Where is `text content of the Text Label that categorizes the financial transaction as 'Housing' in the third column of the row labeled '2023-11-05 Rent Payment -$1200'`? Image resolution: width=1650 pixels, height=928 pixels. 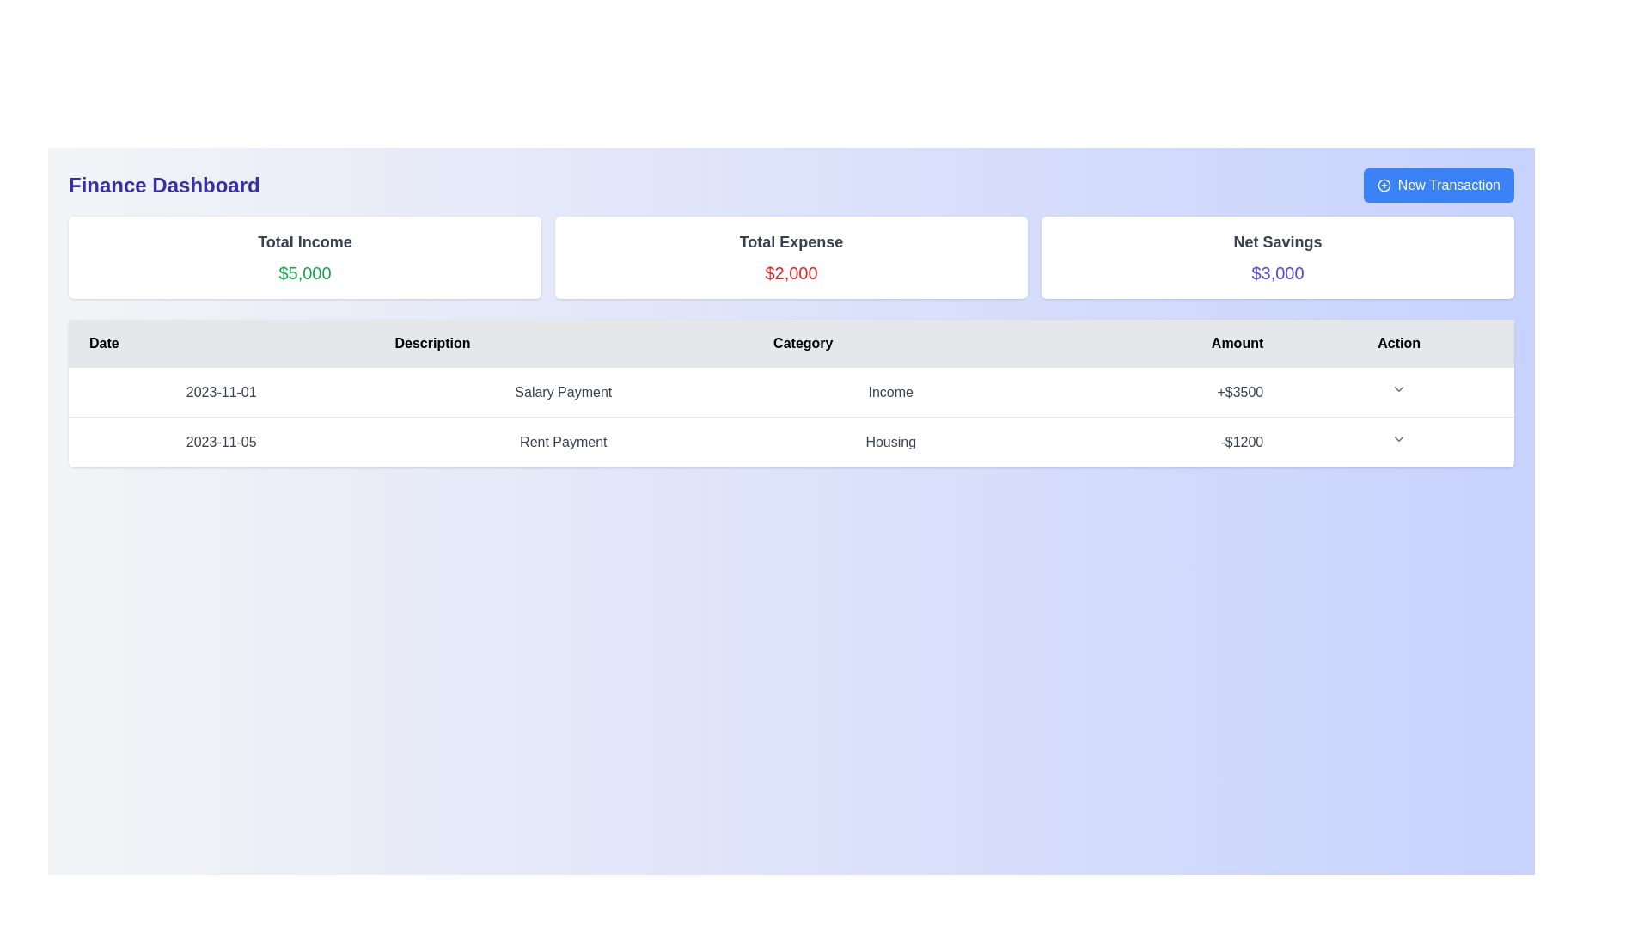 text content of the Text Label that categorizes the financial transaction as 'Housing' in the third column of the row labeled '2023-11-05 Rent Payment -$1200' is located at coordinates (890, 441).